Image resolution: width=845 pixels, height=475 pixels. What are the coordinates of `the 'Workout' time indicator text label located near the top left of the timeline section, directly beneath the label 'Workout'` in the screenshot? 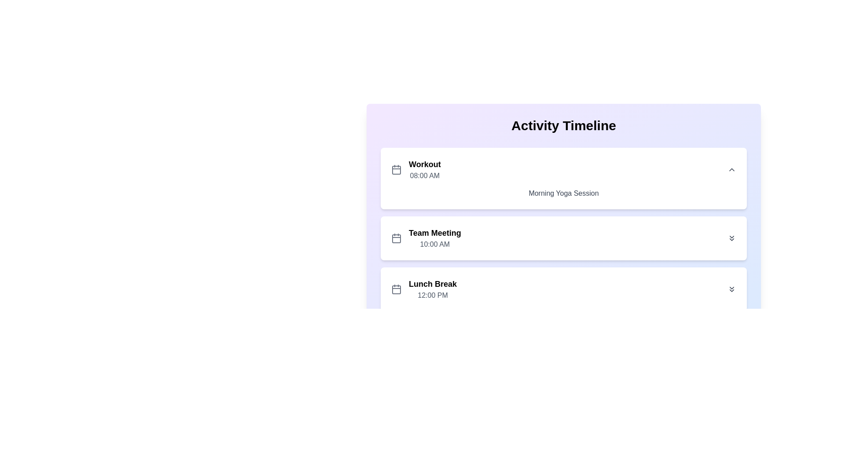 It's located at (425, 176).